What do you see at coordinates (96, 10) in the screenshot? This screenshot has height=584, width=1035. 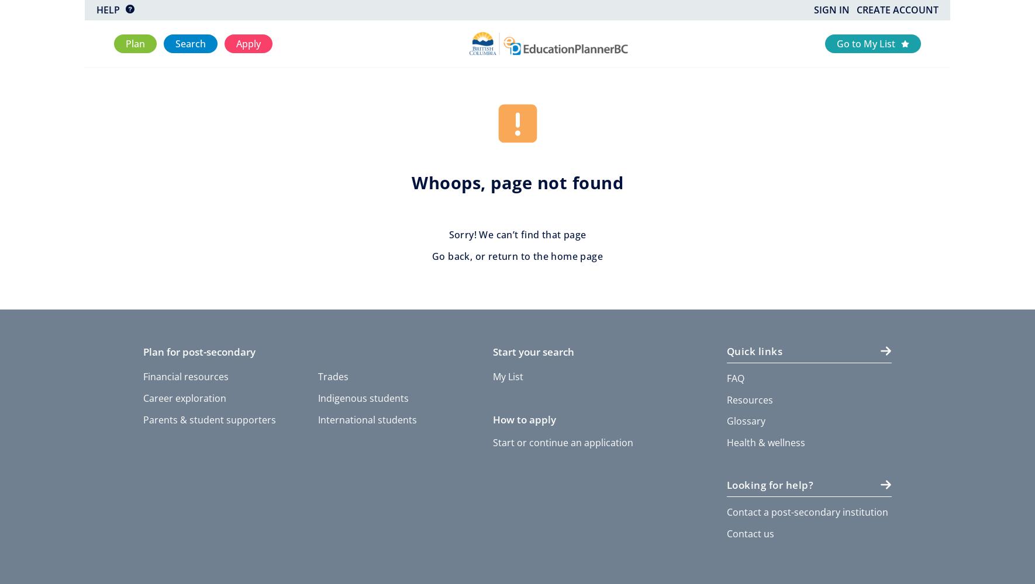 I see `'HELP'` at bounding box center [96, 10].